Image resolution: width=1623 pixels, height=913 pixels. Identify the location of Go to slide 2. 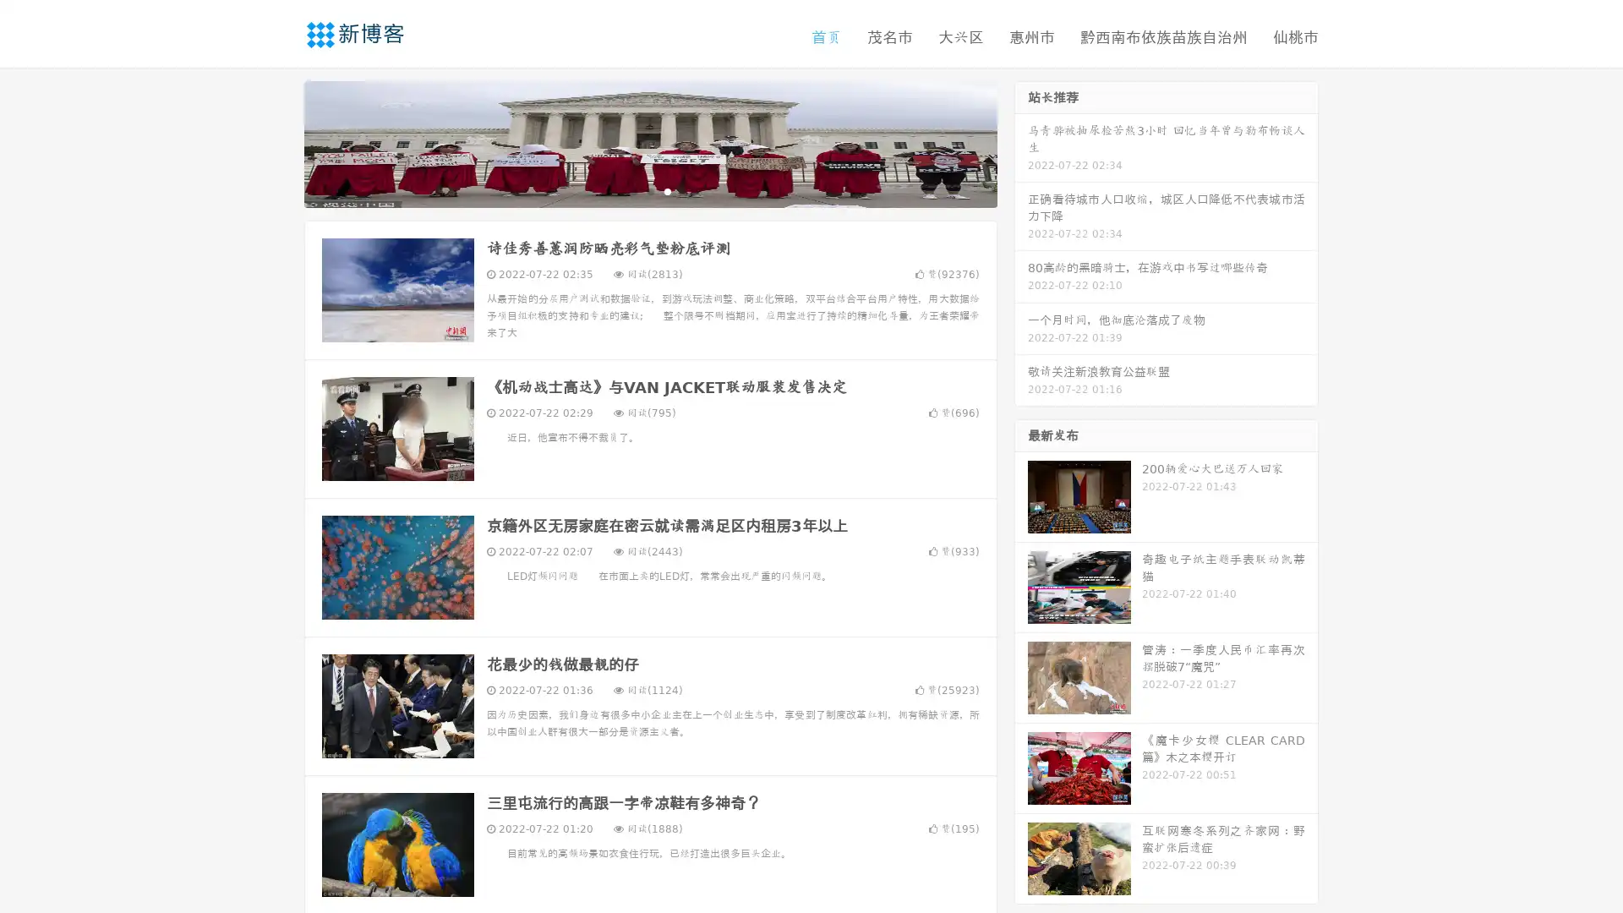
(649, 190).